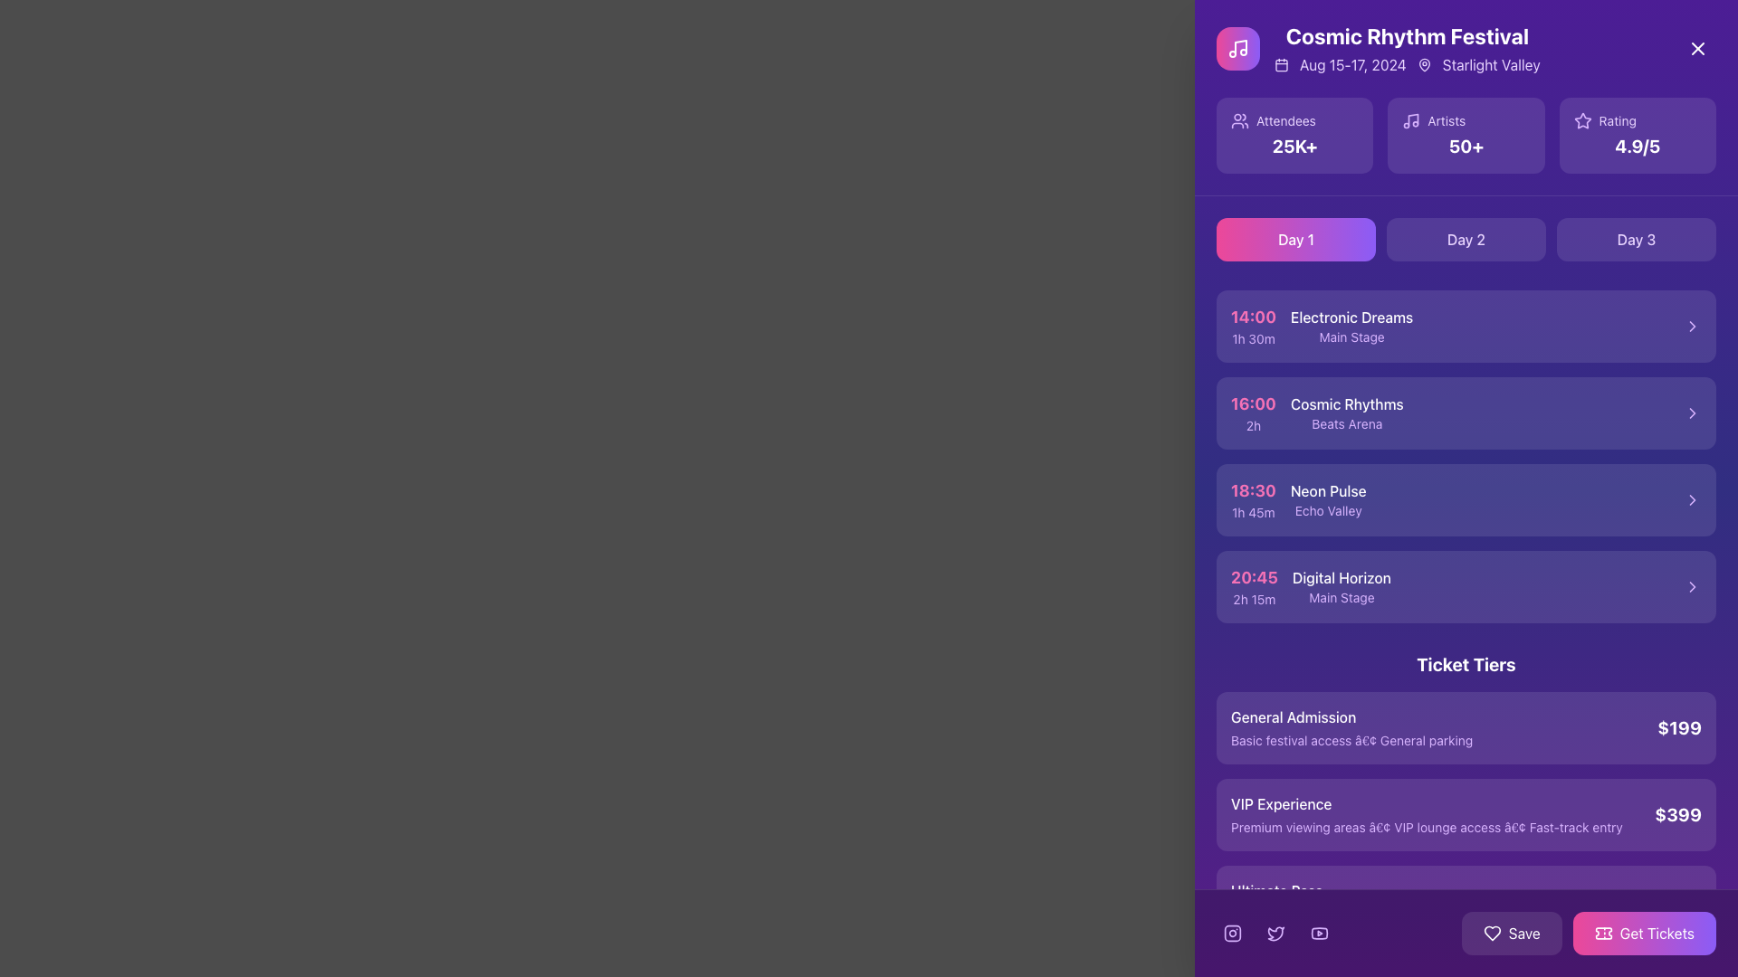 Image resolution: width=1738 pixels, height=977 pixels. I want to click on the text line styled in light purple font that describes features of the VIP Experience package, located beneath the 'VIP Experience' heading and above the price '$399', so click(1426, 827).